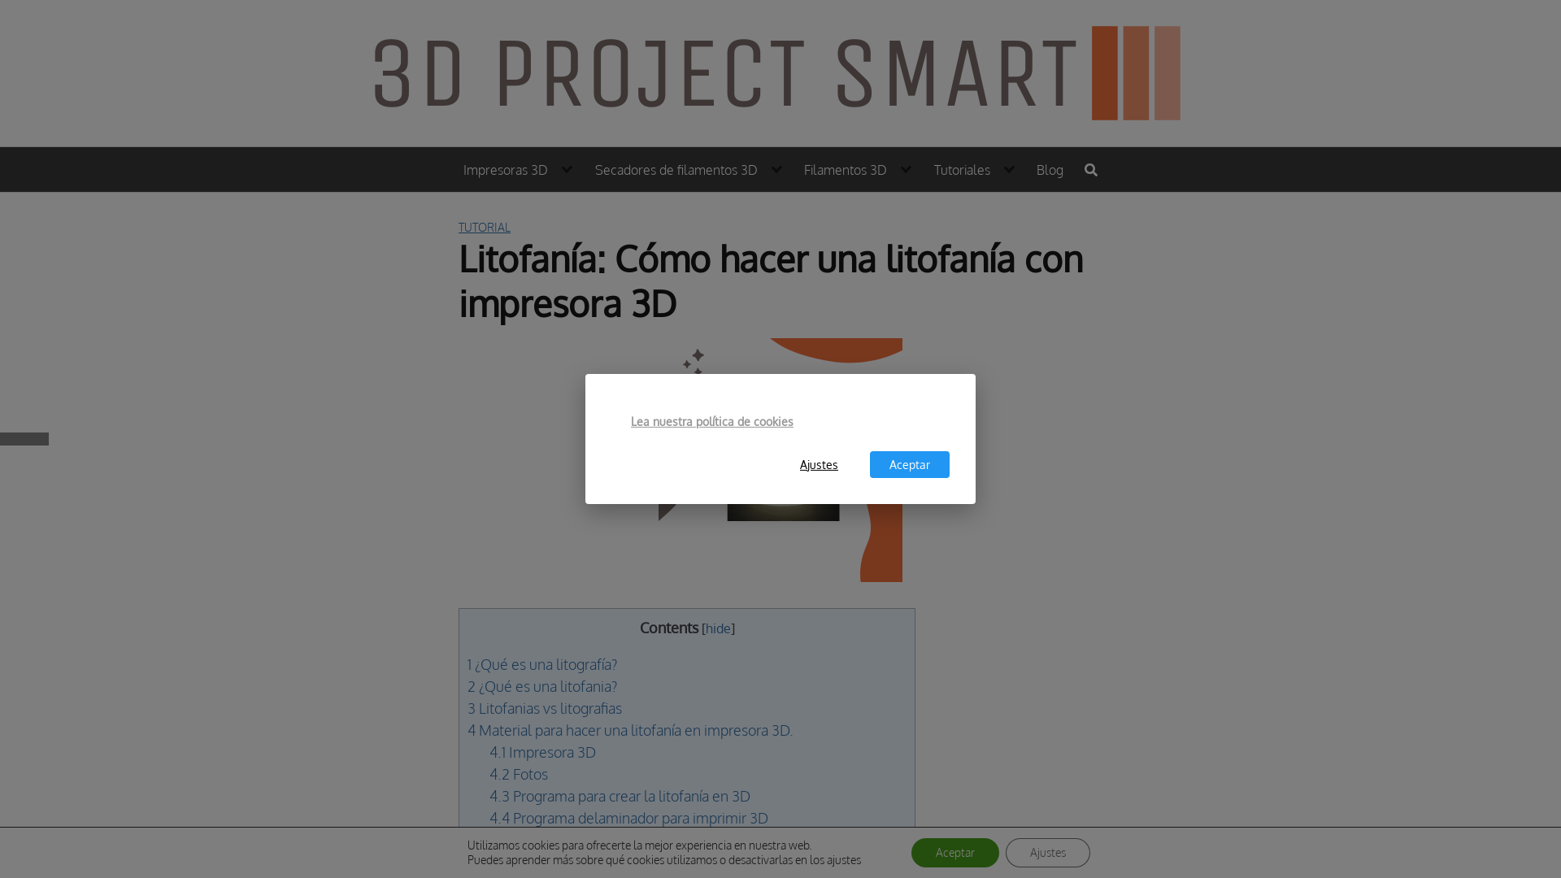  Describe the element at coordinates (717, 627) in the screenshot. I see `'hide'` at that location.